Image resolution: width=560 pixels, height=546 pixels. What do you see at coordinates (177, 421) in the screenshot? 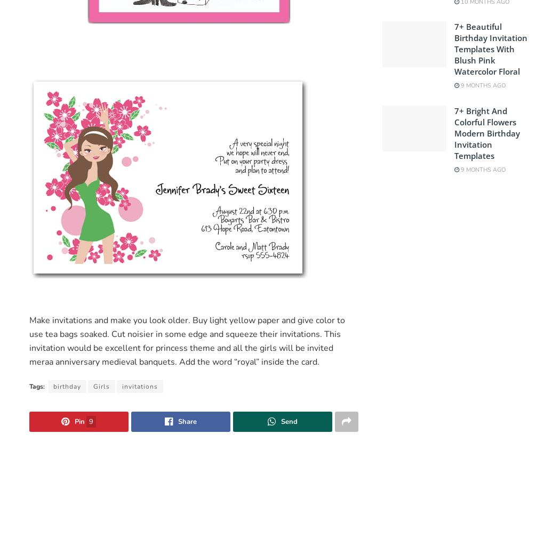
I see `'Share'` at bounding box center [177, 421].